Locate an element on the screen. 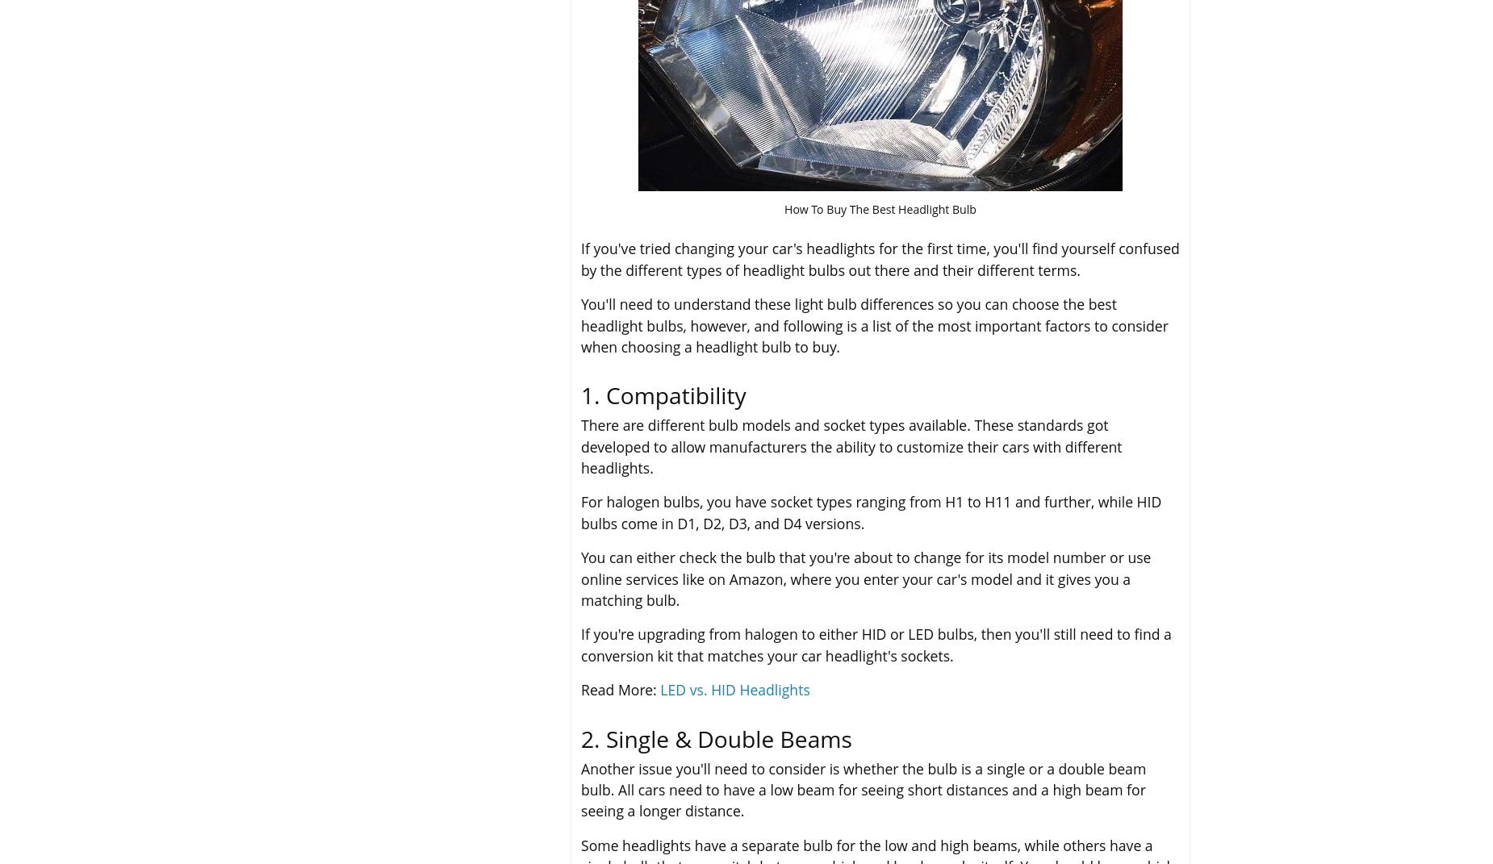  'You can either check the bulb that you're about to change for its model number or use online services like on Amazon, where you enter your car's model and it gives you a matching bulb.' is located at coordinates (865, 578).